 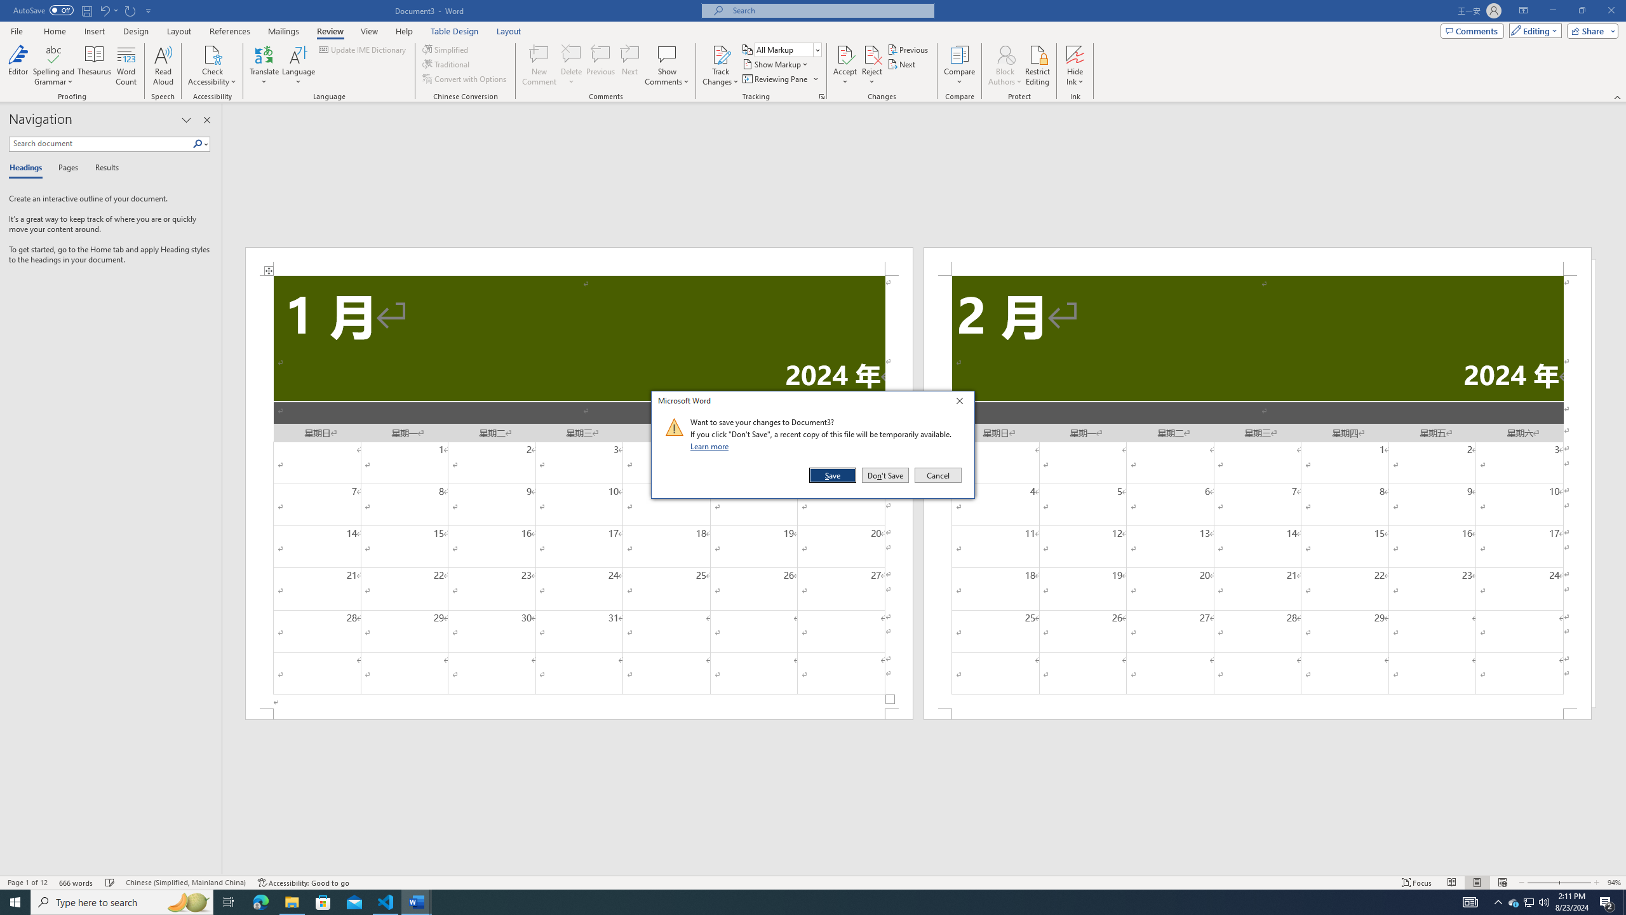 What do you see at coordinates (54, 53) in the screenshot?
I see `'Spelling and Grammar'` at bounding box center [54, 53].